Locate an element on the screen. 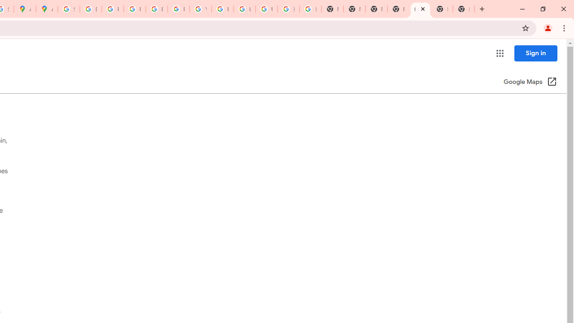 The height and width of the screenshot is (323, 574). 'New Tab' is located at coordinates (442, 9).